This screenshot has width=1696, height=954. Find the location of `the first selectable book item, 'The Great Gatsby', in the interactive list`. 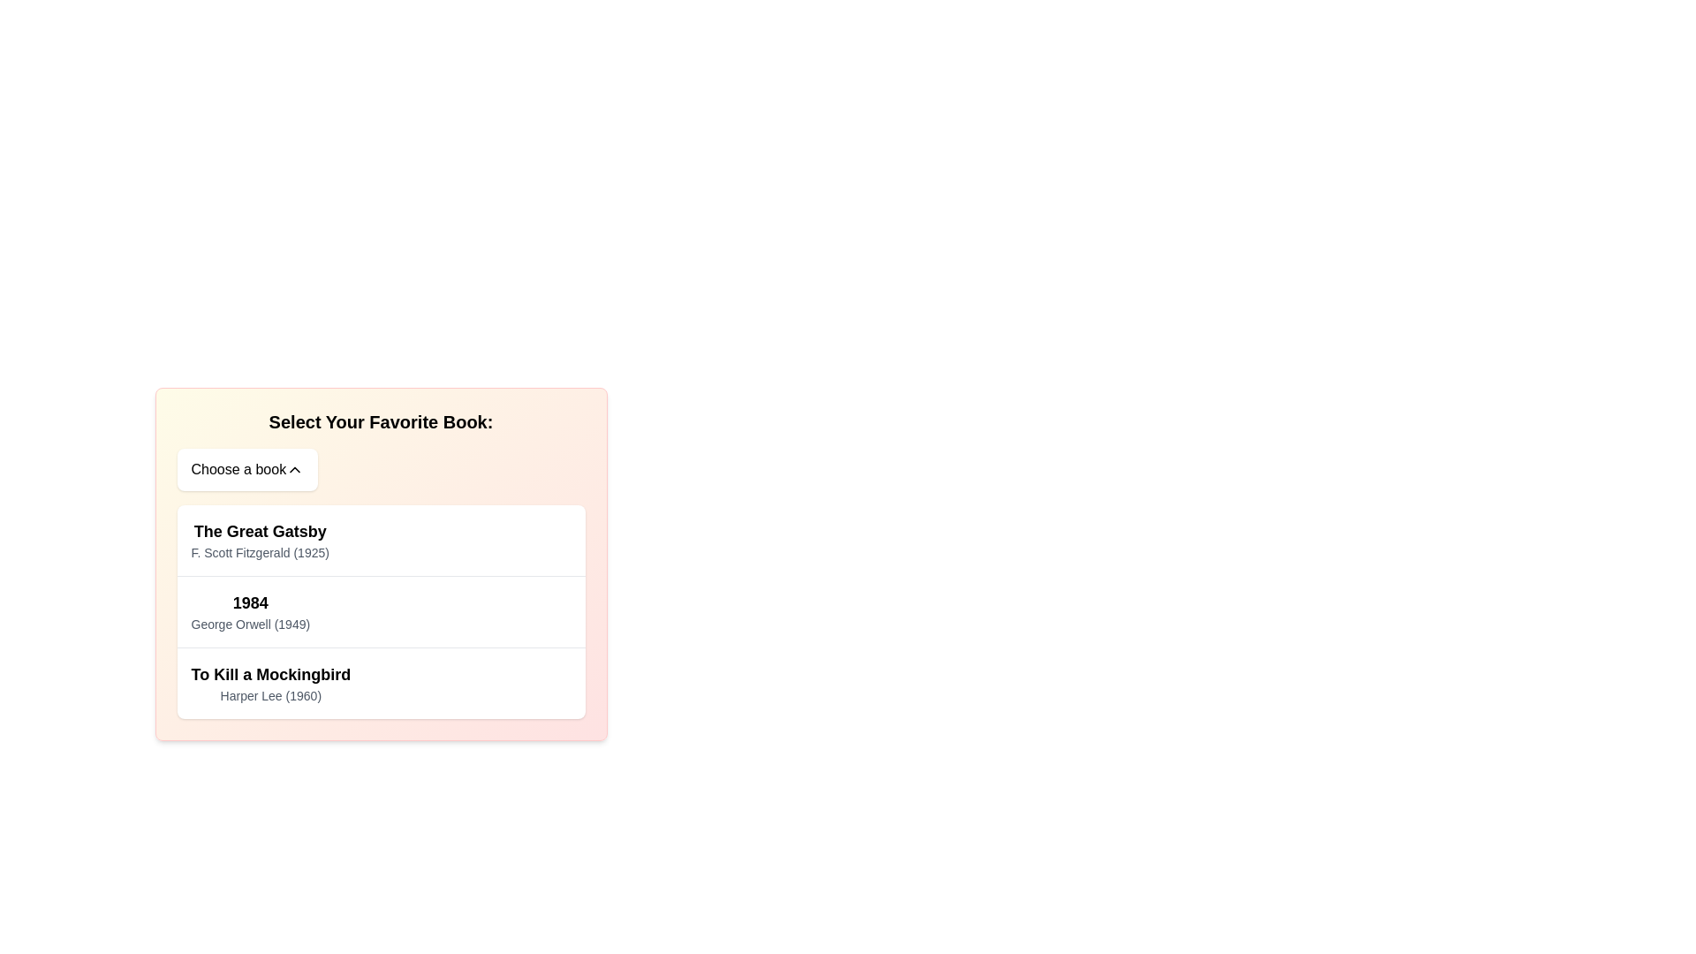

the first selectable book item, 'The Great Gatsby', in the interactive list is located at coordinates (380, 540).